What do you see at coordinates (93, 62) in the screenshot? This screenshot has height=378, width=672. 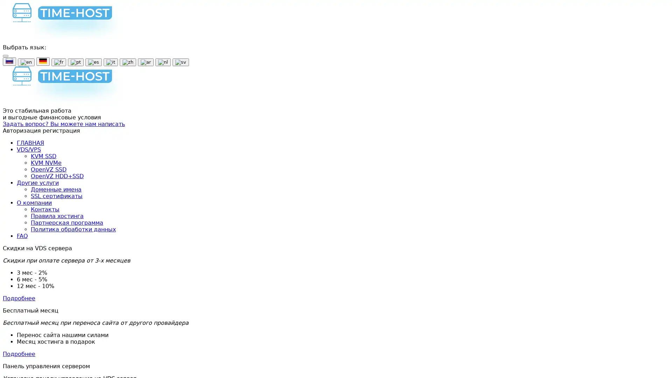 I see `es` at bounding box center [93, 62].